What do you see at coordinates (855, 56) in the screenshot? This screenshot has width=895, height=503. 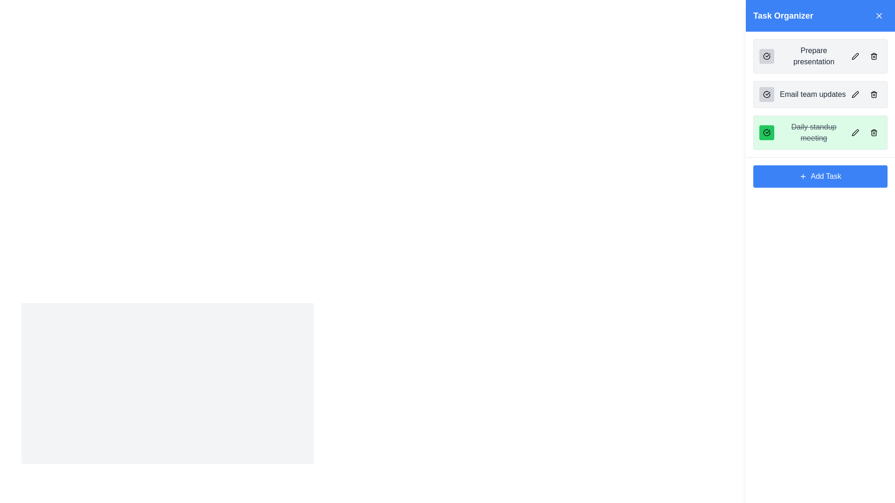 I see `the edit button icon located next to the 'Prepare presentation' task in the Task Organizer section` at bounding box center [855, 56].